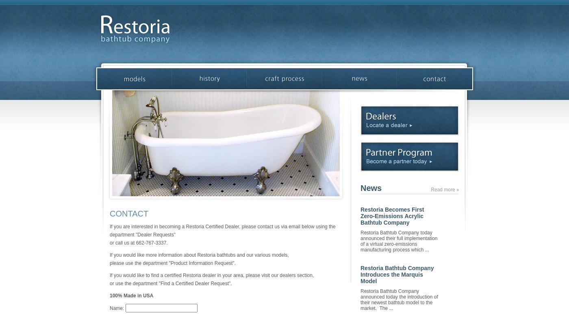 The height and width of the screenshot is (314, 569). What do you see at coordinates (222, 231) in the screenshot?
I see `'If you are interested in becoming a Restoria Certified Dealer, please contact us via email below using the department "Dealer Requests"'` at bounding box center [222, 231].